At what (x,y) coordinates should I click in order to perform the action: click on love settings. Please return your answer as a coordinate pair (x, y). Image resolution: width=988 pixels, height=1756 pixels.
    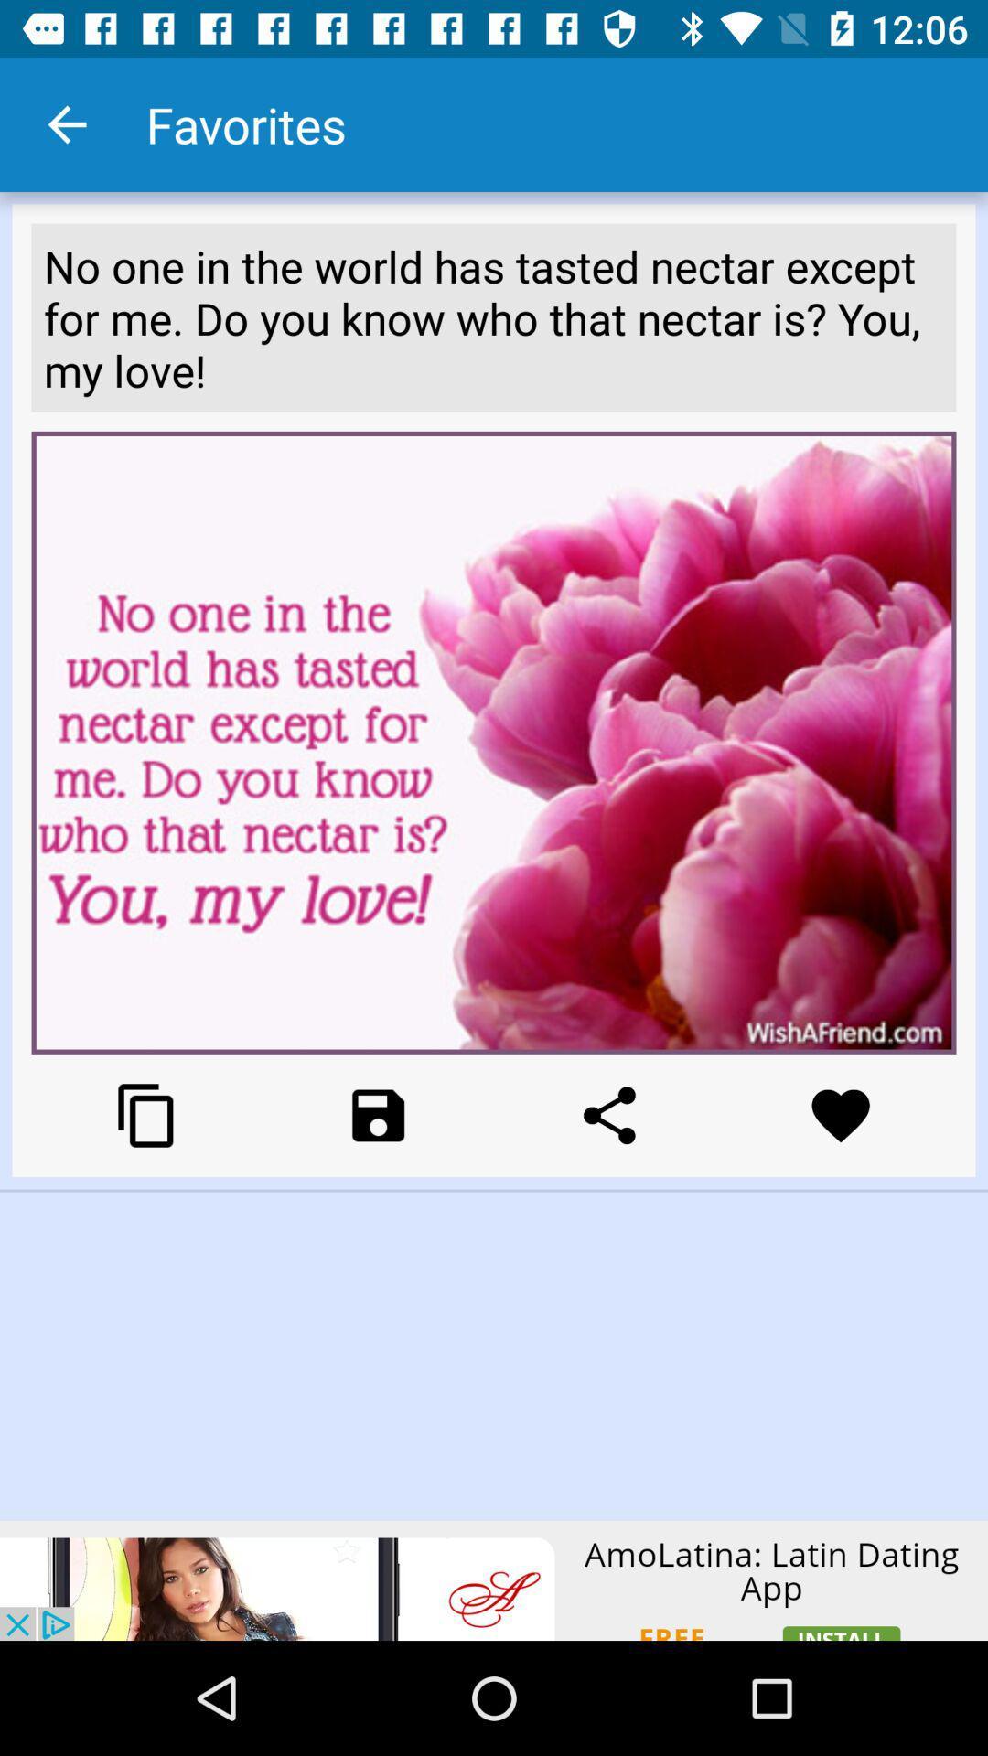
    Looking at the image, I should click on (841, 1114).